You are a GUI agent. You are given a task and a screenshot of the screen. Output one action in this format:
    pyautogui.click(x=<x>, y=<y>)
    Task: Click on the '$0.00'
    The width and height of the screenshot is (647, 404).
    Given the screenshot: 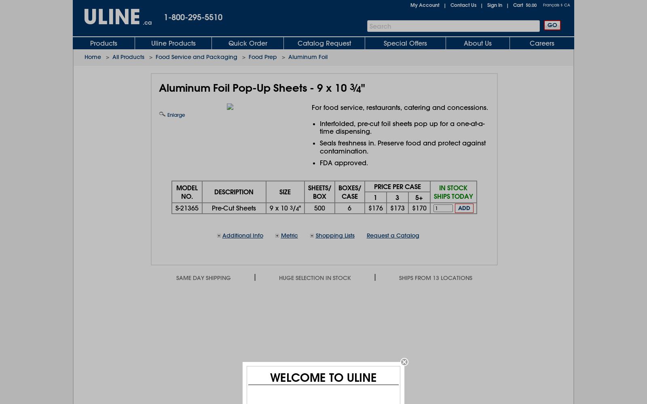 What is the action you would take?
    pyautogui.click(x=531, y=5)
    